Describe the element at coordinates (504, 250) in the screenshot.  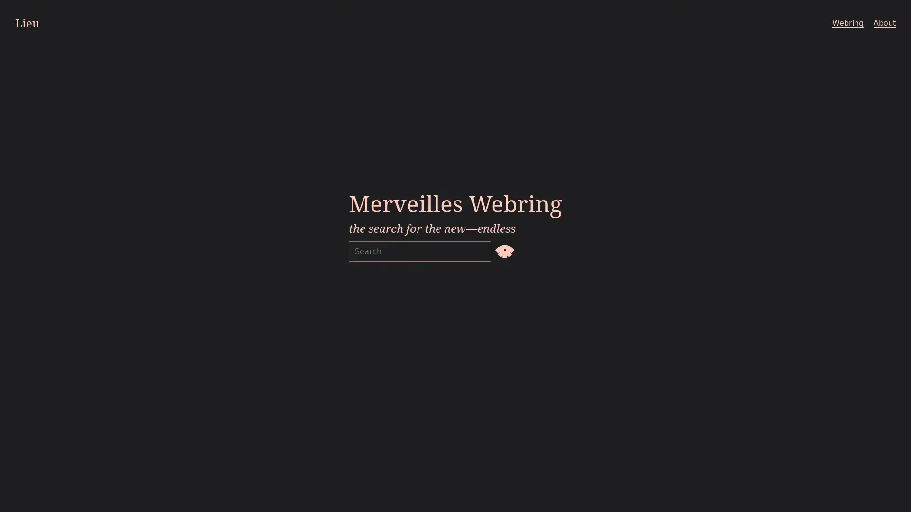
I see `Search` at that location.